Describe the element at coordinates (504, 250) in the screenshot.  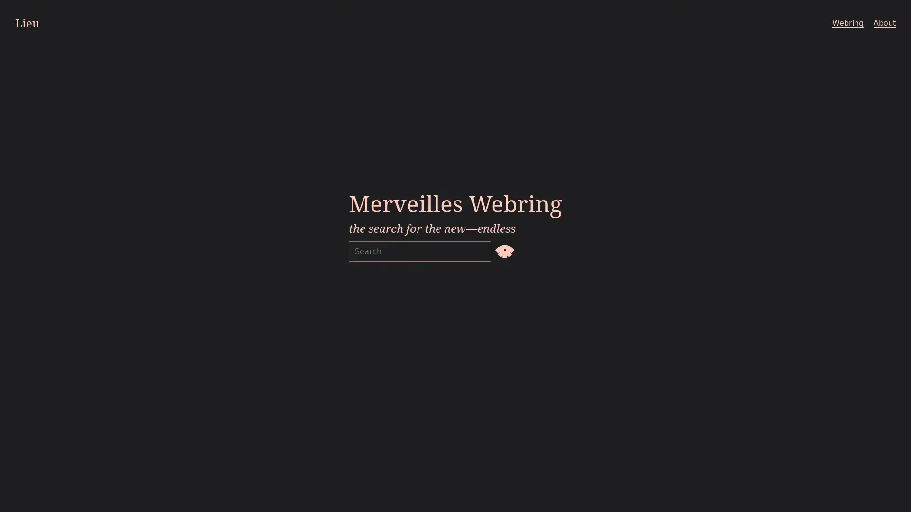
I see `Search` at that location.